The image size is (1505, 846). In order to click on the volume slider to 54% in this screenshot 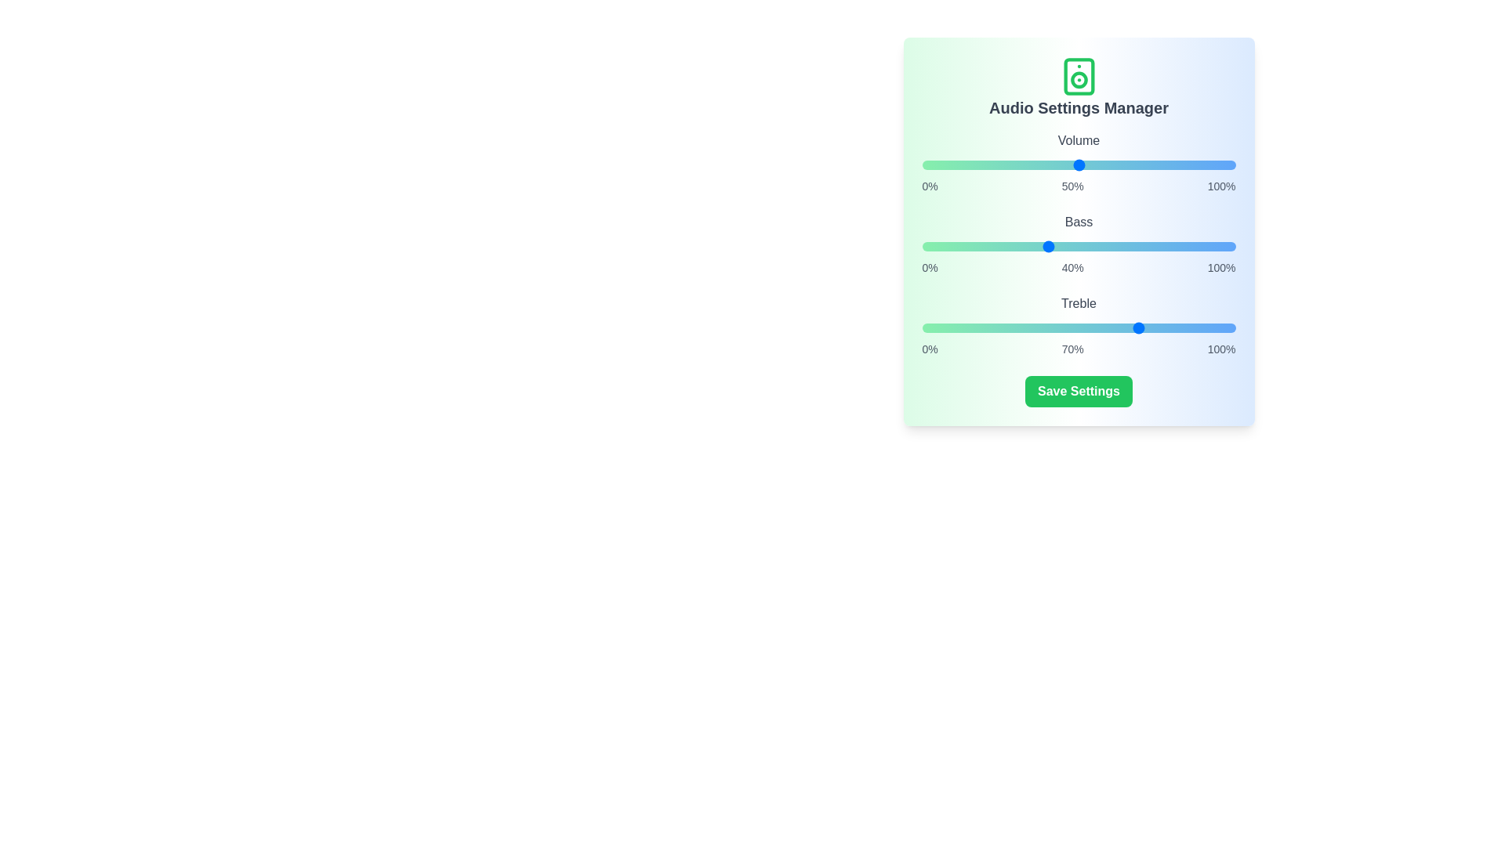, I will do `click(1090, 165)`.